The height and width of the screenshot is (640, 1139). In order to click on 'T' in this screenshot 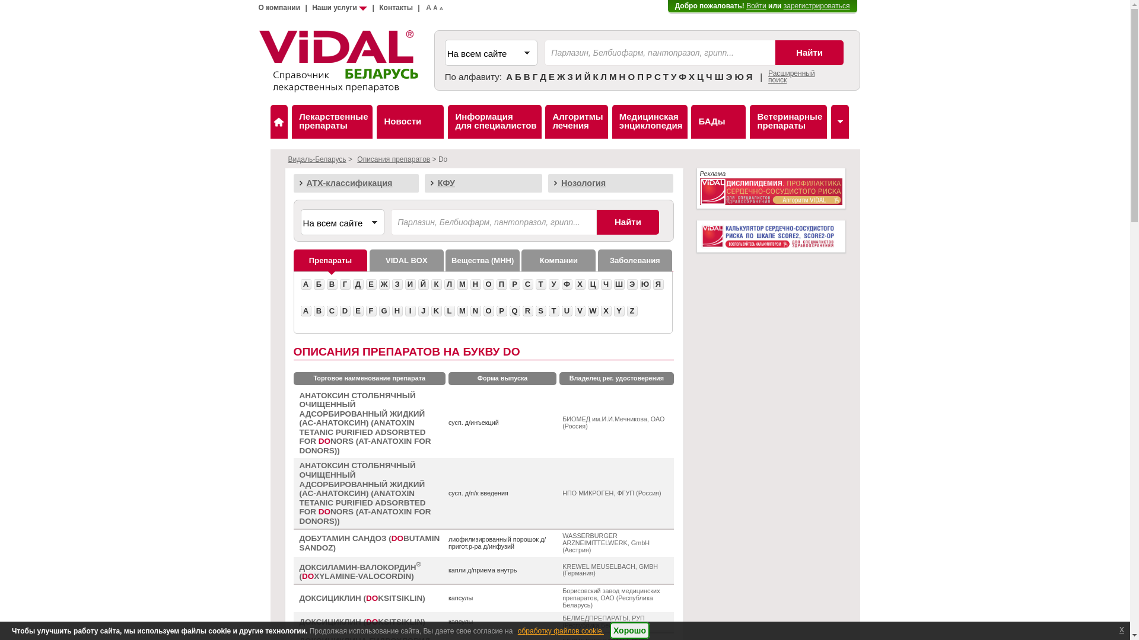, I will do `click(548, 310)`.